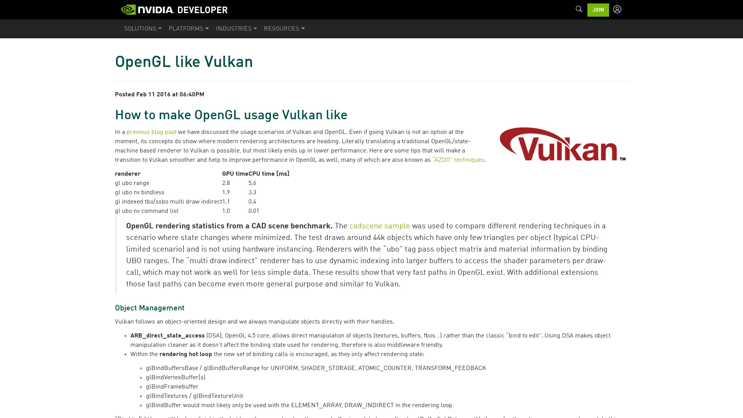  Describe the element at coordinates (236, 28) in the screenshot. I see `INDUSTRIES` at that location.